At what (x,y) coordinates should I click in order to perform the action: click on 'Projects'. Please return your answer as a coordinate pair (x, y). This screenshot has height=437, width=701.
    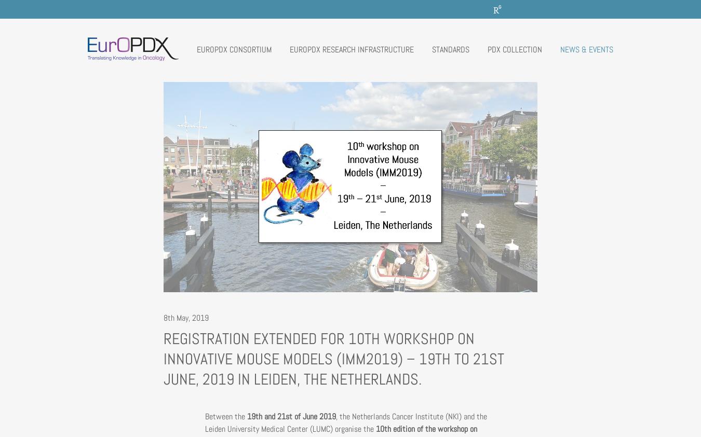
    Looking at the image, I should click on (223, 166).